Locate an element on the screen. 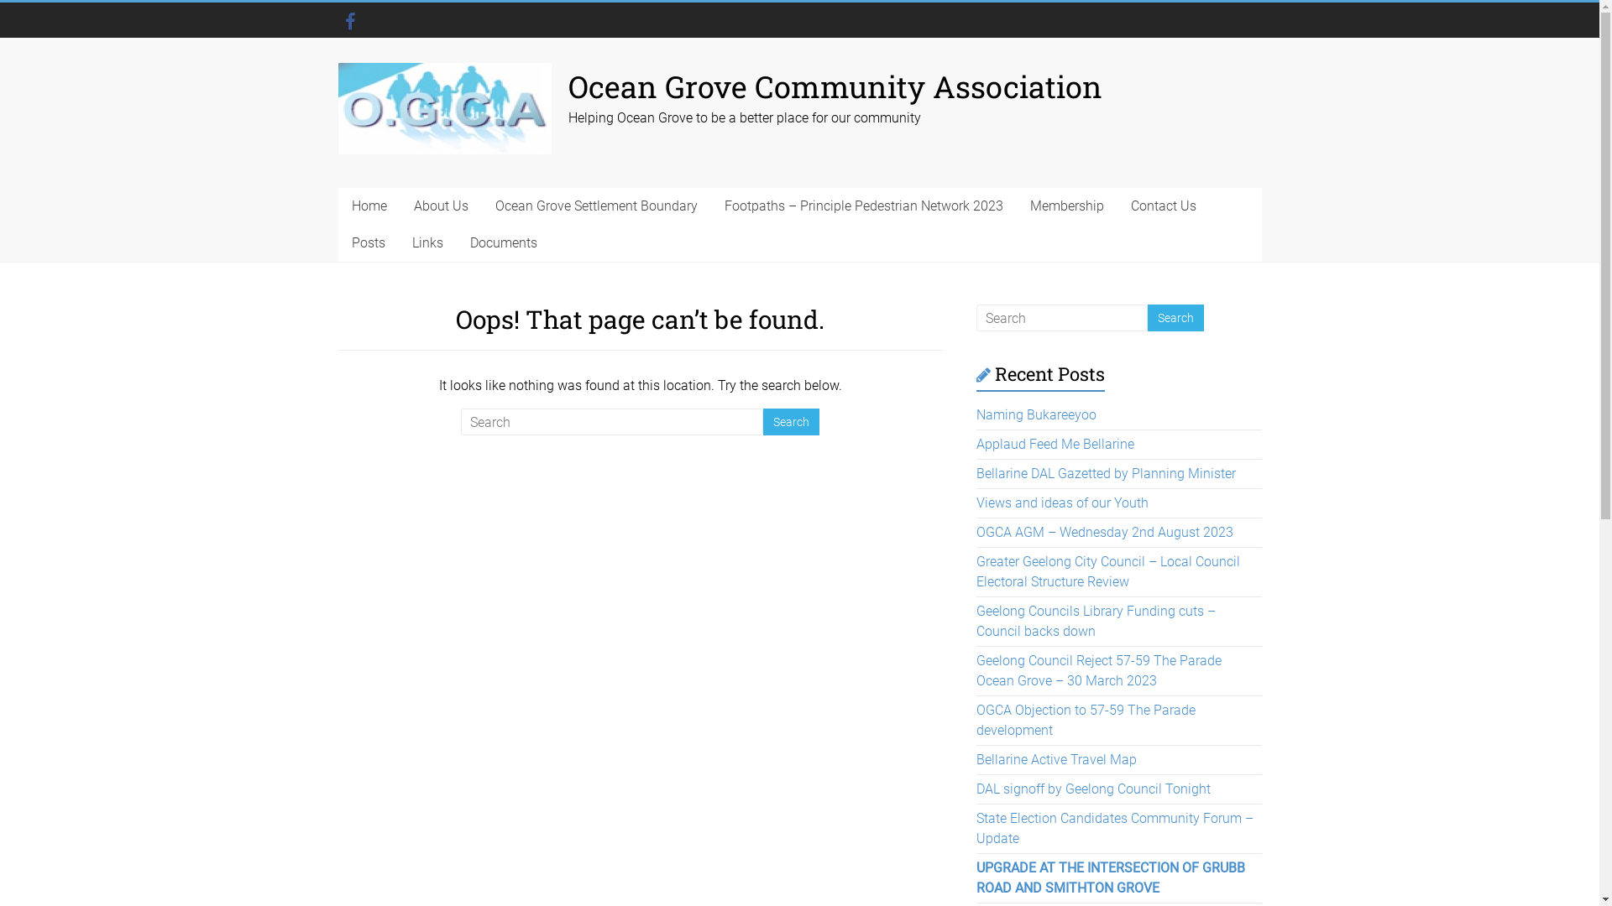  'Naming Bukareeyoo' is located at coordinates (1035, 414).